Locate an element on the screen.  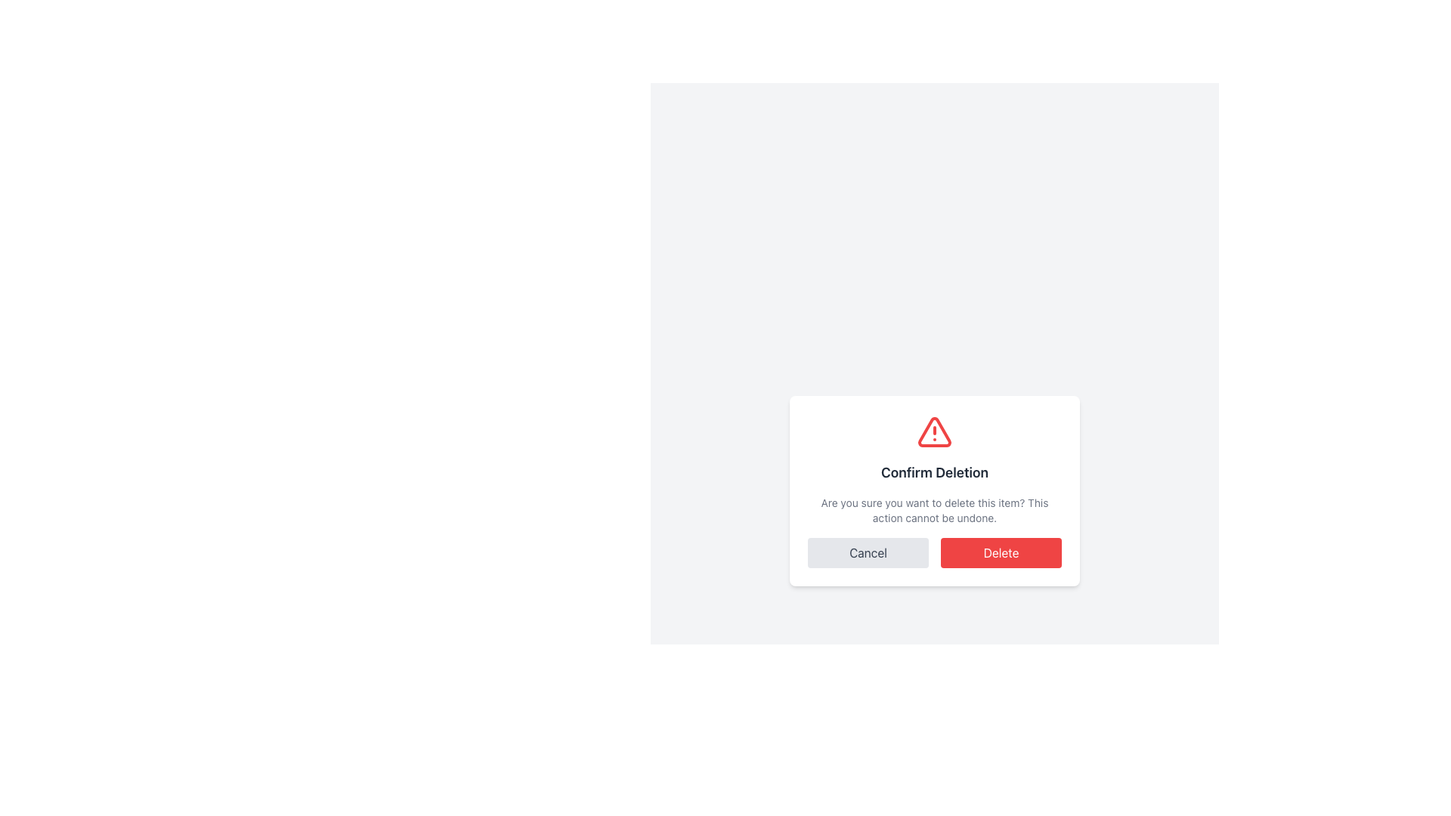
the 'Cancel' button located in the button group at the bottom of the modal dialog box to abort the action is located at coordinates (934, 553).